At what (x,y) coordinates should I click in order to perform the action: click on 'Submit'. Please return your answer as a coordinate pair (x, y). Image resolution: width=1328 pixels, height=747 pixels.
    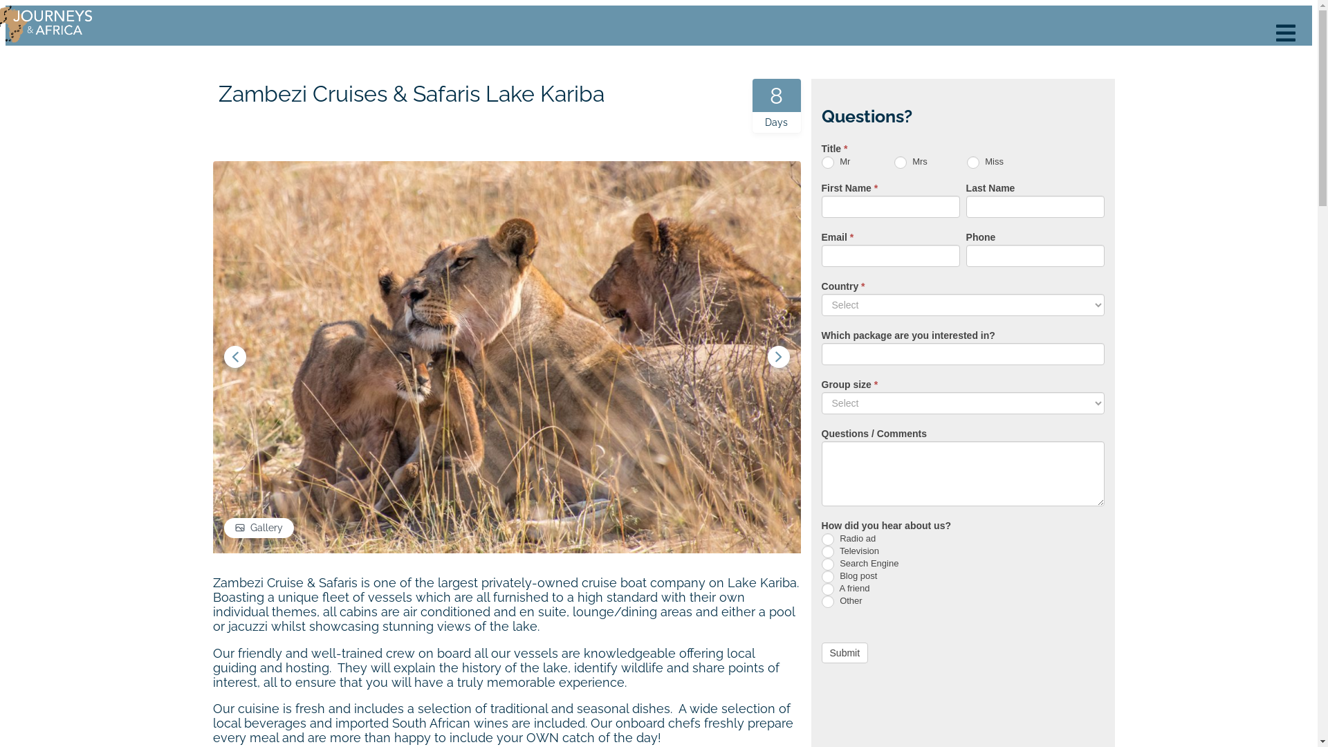
    Looking at the image, I should click on (822, 653).